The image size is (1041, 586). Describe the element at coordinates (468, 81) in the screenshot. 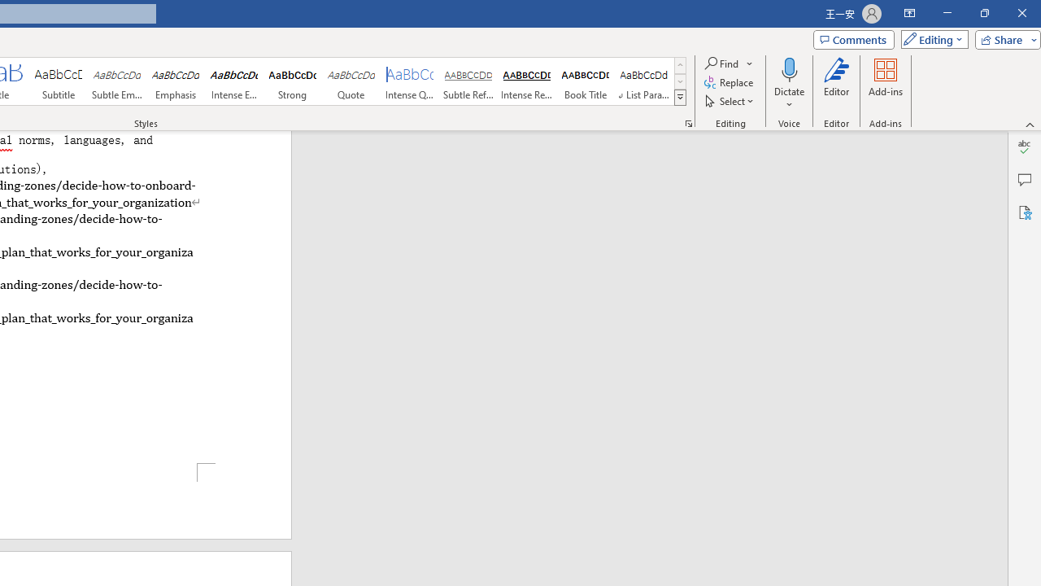

I see `'Subtle Reference'` at that location.